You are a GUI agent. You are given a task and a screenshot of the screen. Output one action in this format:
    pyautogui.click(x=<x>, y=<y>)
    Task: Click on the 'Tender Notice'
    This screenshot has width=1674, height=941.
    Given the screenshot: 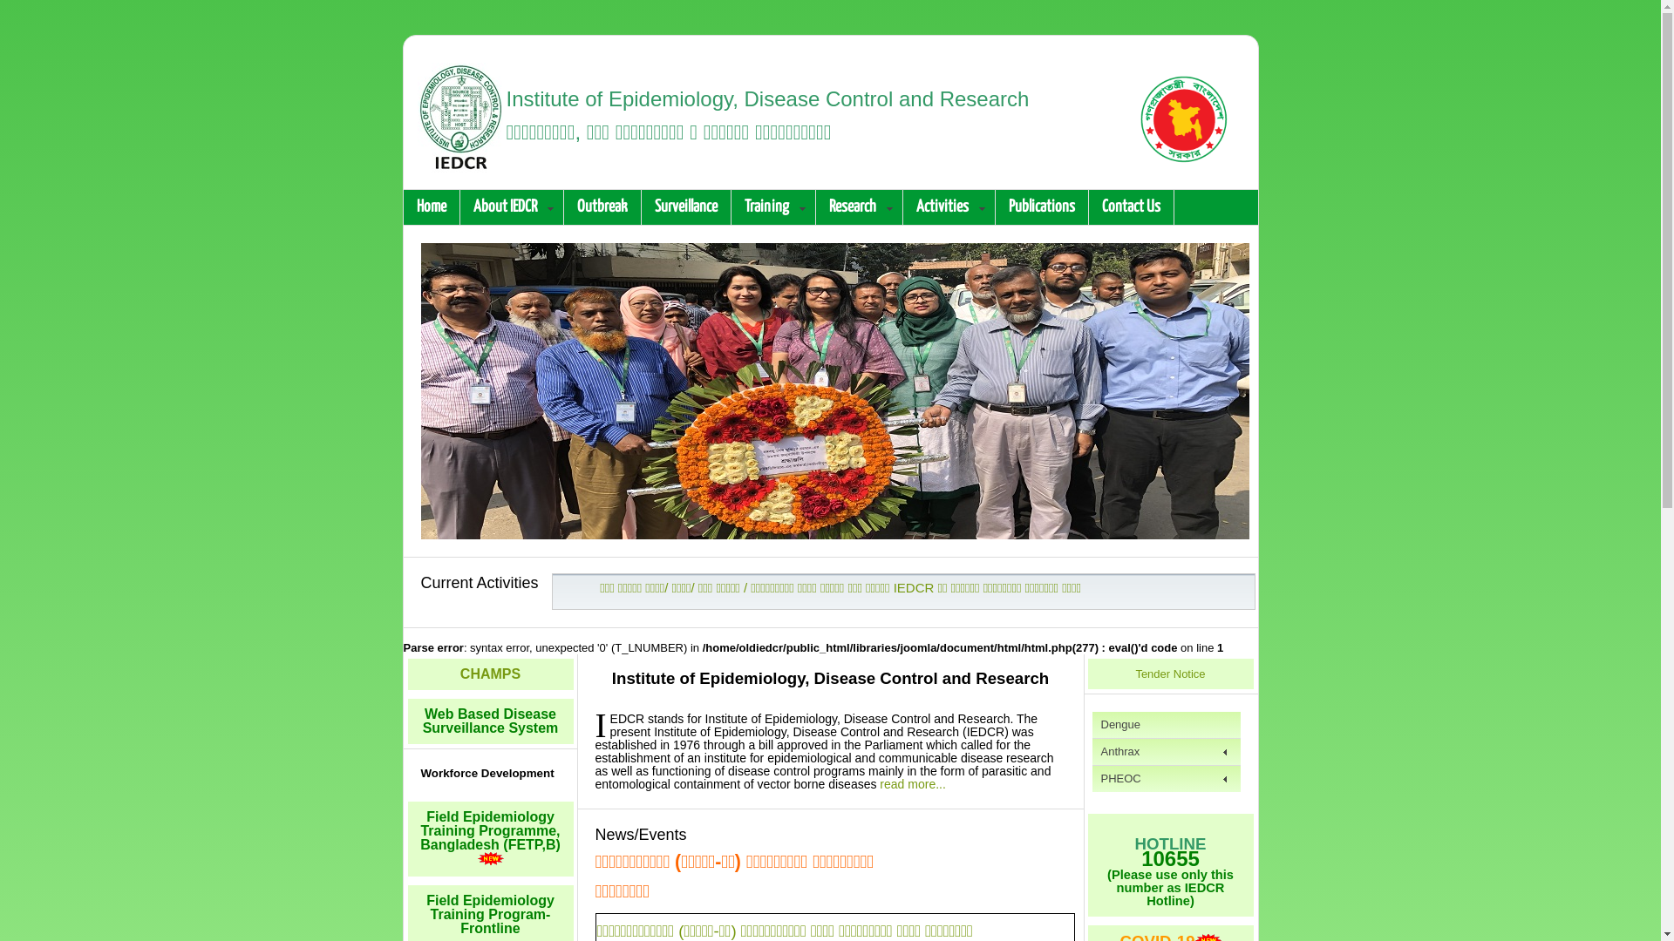 What is the action you would take?
    pyautogui.click(x=1170, y=673)
    